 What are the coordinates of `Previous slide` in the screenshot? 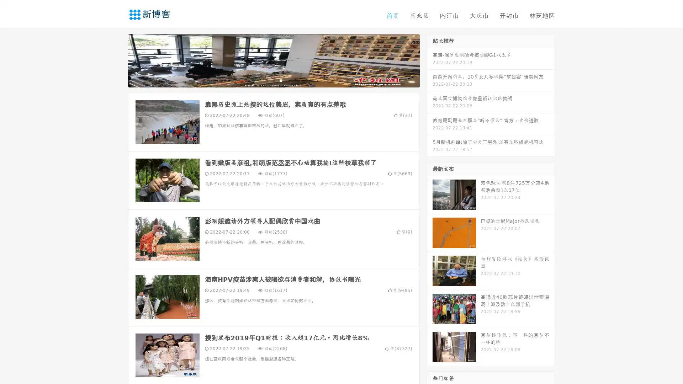 It's located at (117, 60).